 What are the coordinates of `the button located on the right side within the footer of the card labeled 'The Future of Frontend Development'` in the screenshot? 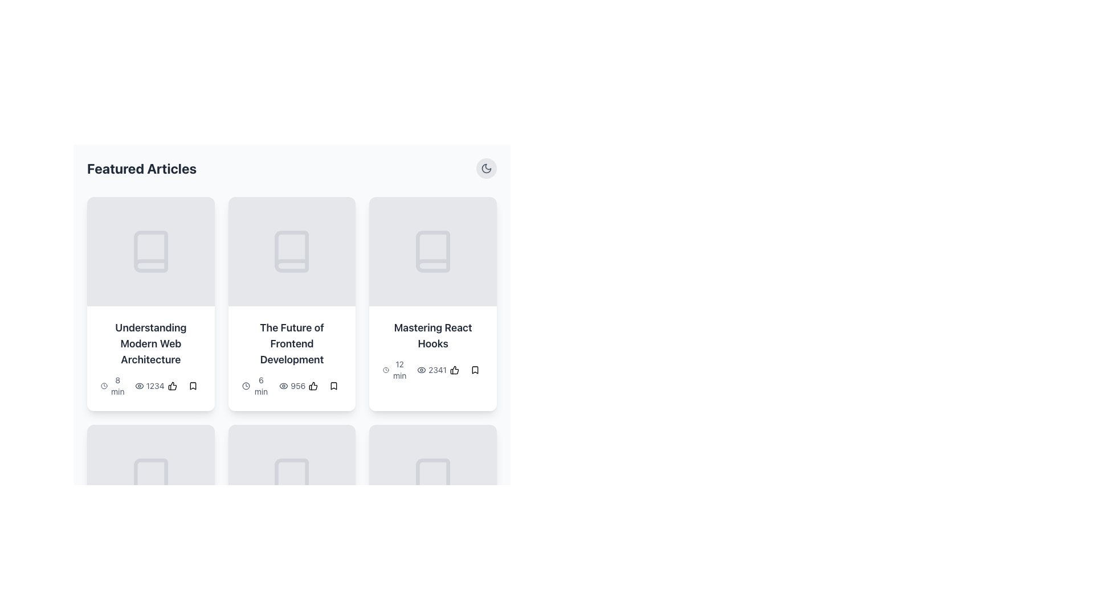 It's located at (333, 386).